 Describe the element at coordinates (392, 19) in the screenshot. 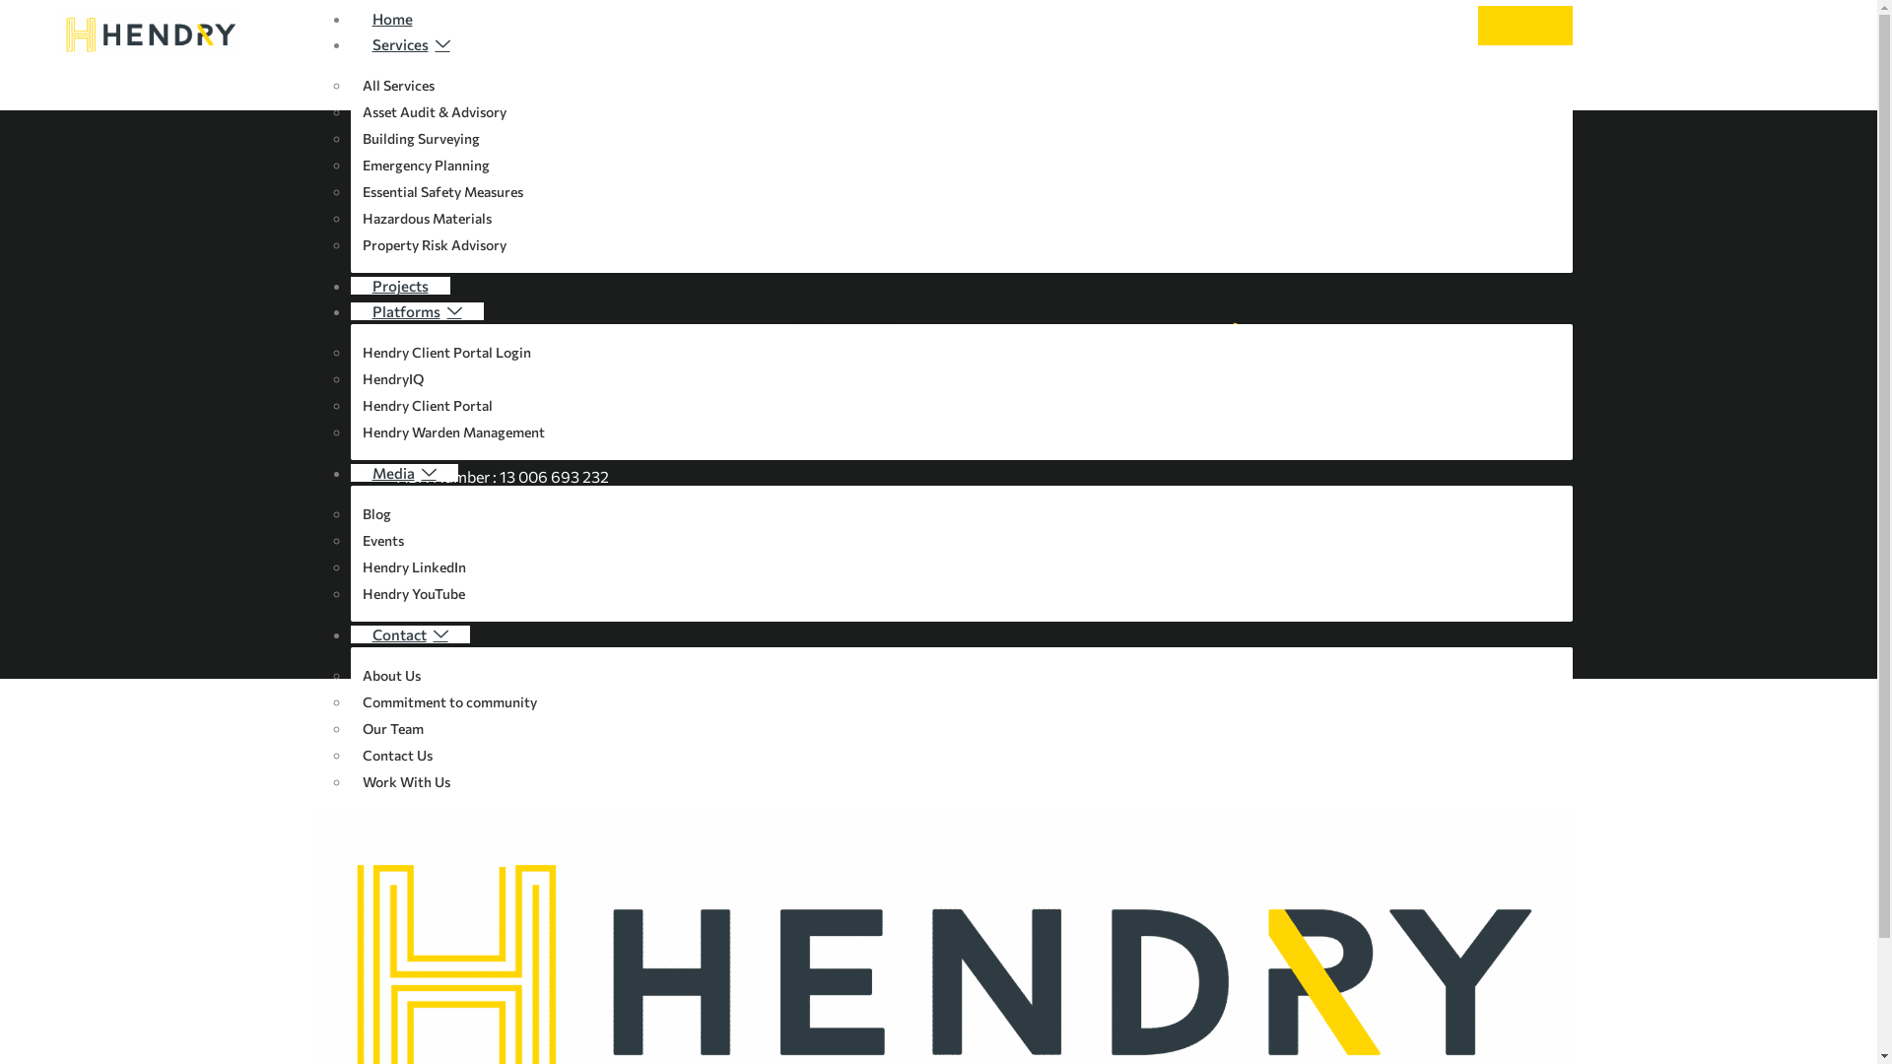

I see `'Home'` at that location.